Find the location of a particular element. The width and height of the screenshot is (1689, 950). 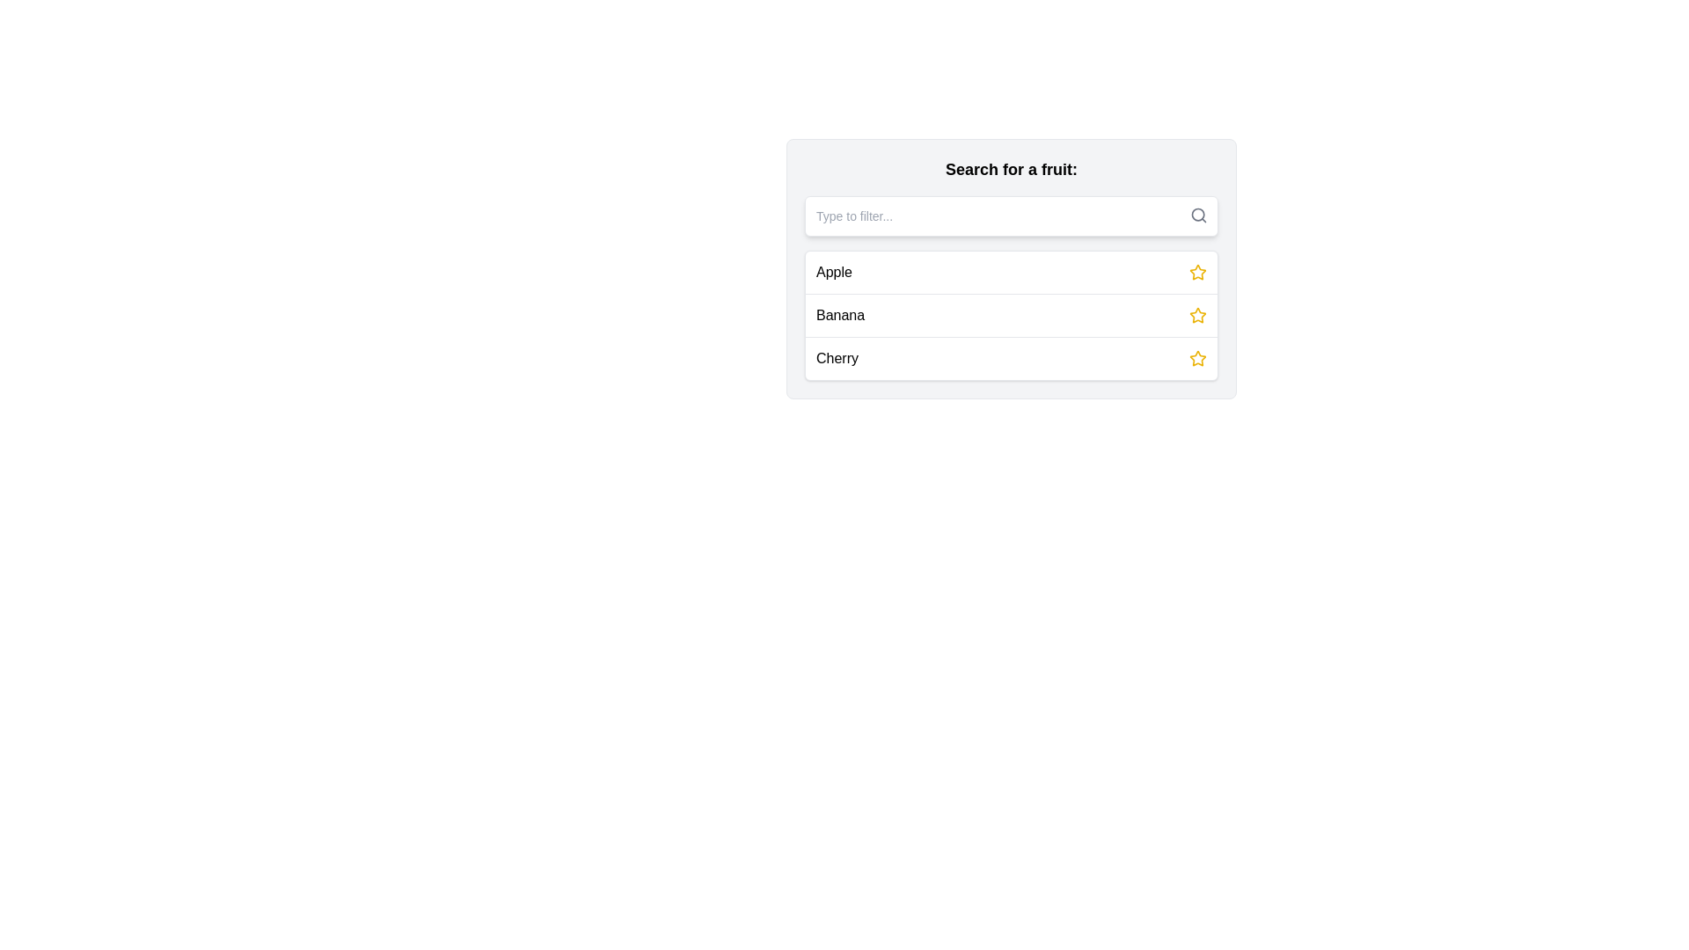

the second item ('Banana') in the list, which is displayed inside a rounded white box with a shadow, located below the search bar is located at coordinates (1012, 314).